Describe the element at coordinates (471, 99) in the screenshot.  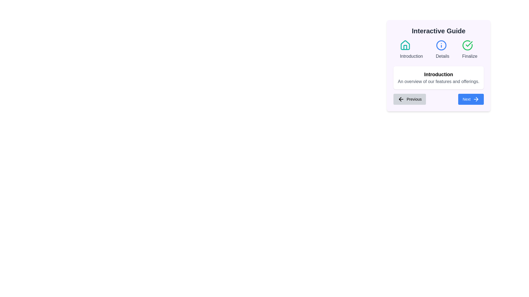
I see `the Next button to navigate through the steps` at that location.